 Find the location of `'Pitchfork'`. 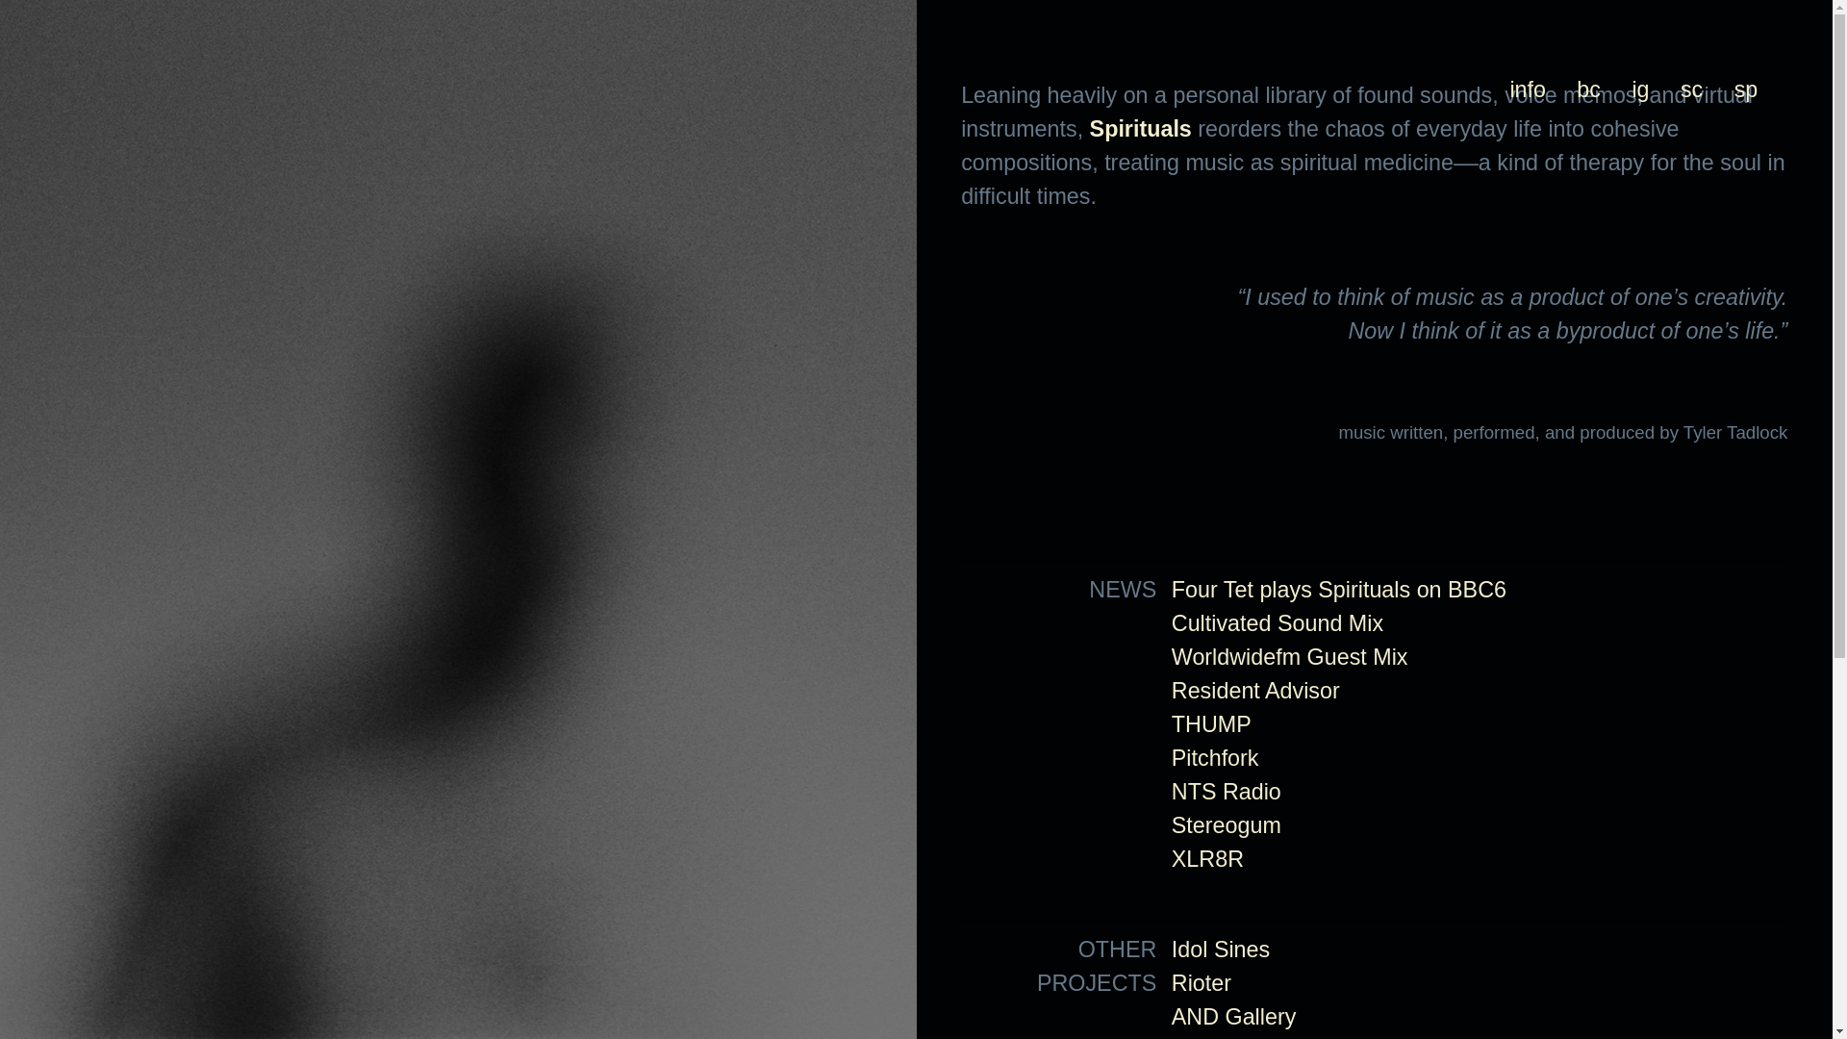

'Pitchfork' is located at coordinates (1171, 758).